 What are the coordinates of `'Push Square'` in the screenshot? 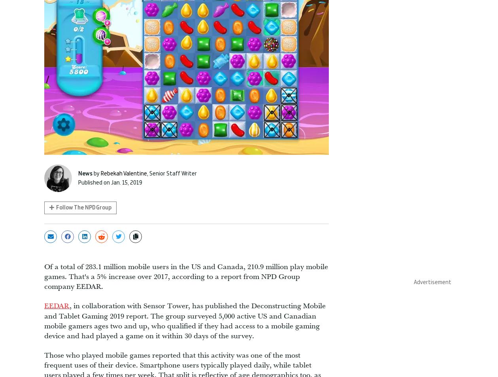 It's located at (399, 225).